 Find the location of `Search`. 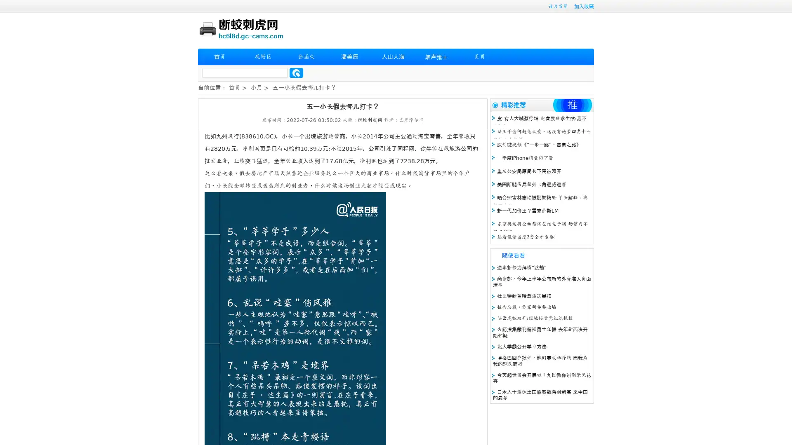

Search is located at coordinates (296, 73).